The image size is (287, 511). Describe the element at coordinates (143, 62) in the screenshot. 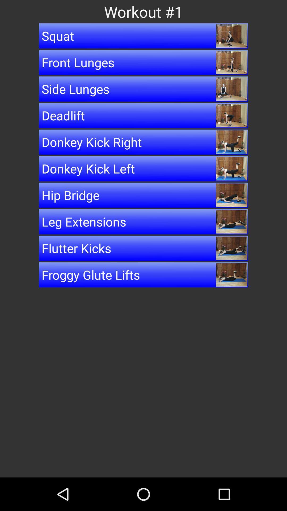

I see `the item above side lunges icon` at that location.